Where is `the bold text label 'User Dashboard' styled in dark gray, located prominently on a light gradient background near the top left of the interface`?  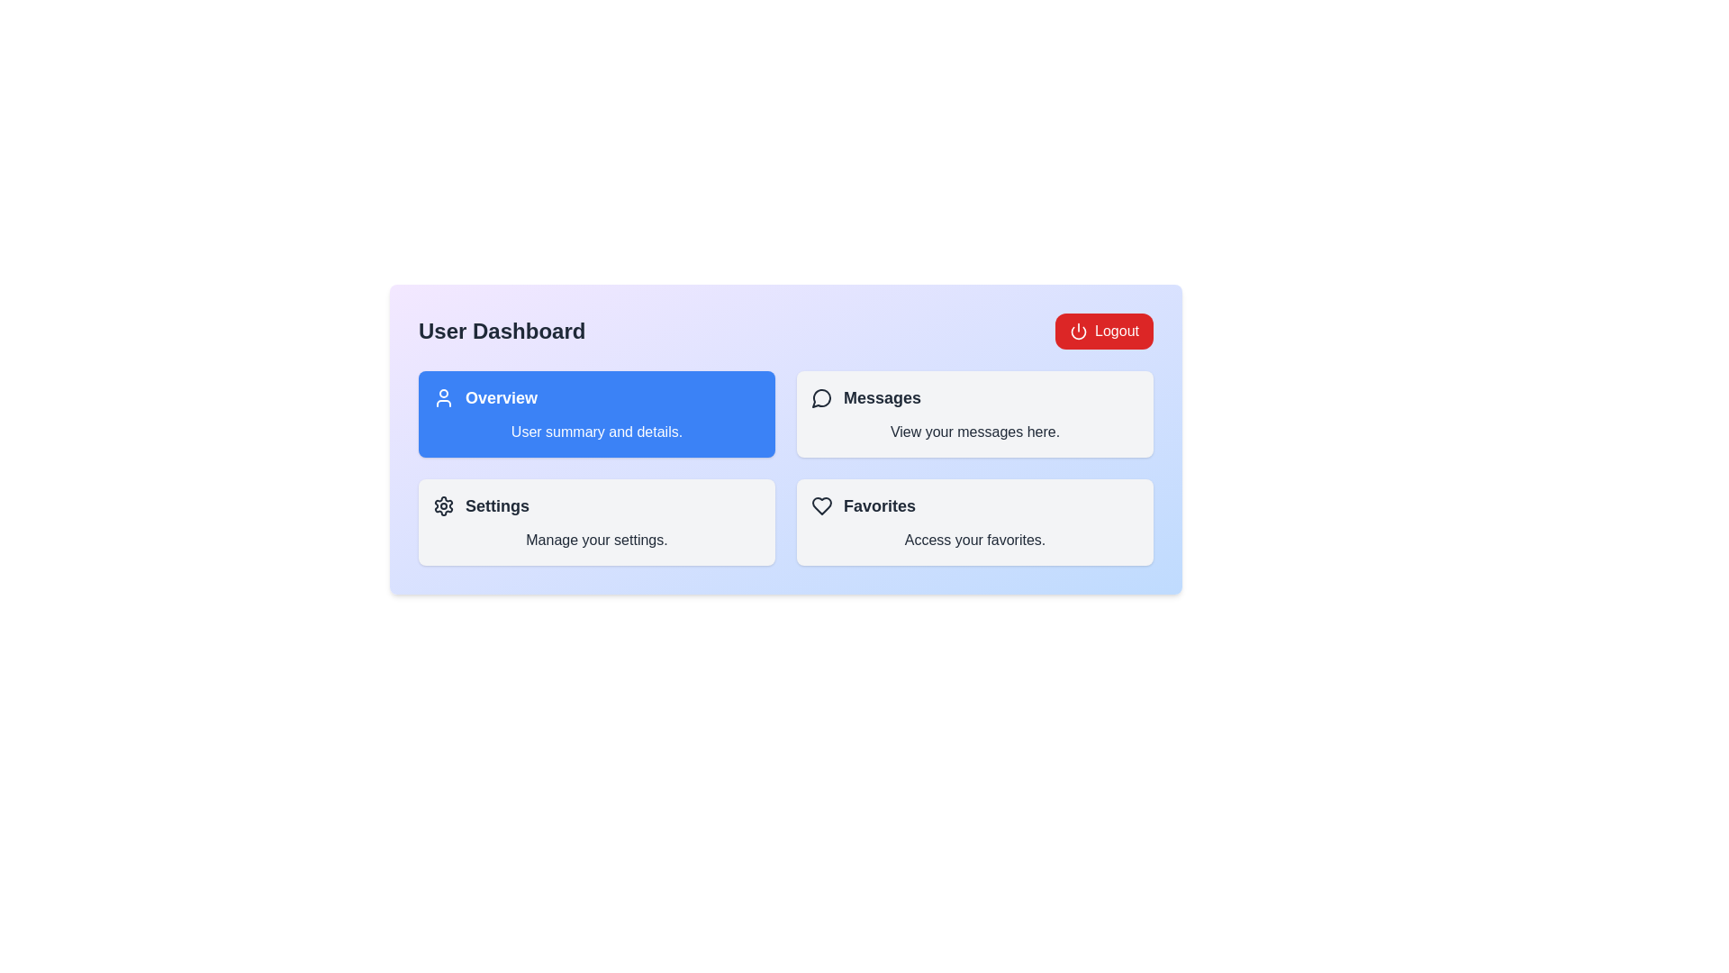
the bold text label 'User Dashboard' styled in dark gray, located prominently on a light gradient background near the top left of the interface is located at coordinates (502, 331).